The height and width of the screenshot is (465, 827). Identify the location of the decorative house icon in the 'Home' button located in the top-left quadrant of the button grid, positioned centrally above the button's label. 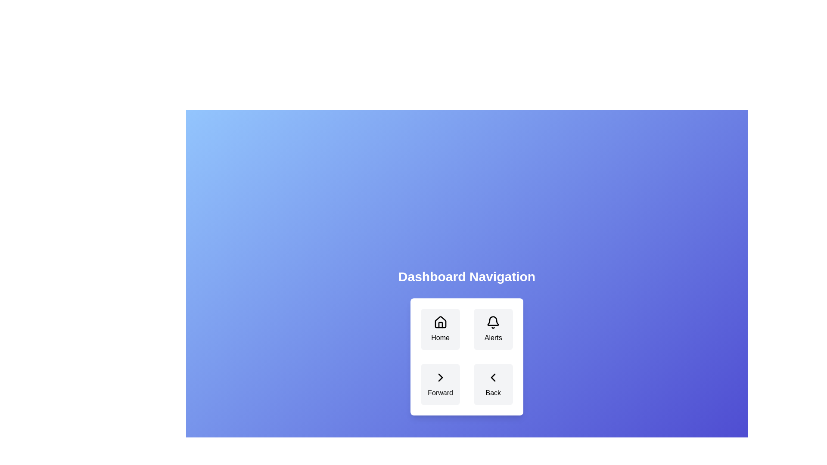
(440, 325).